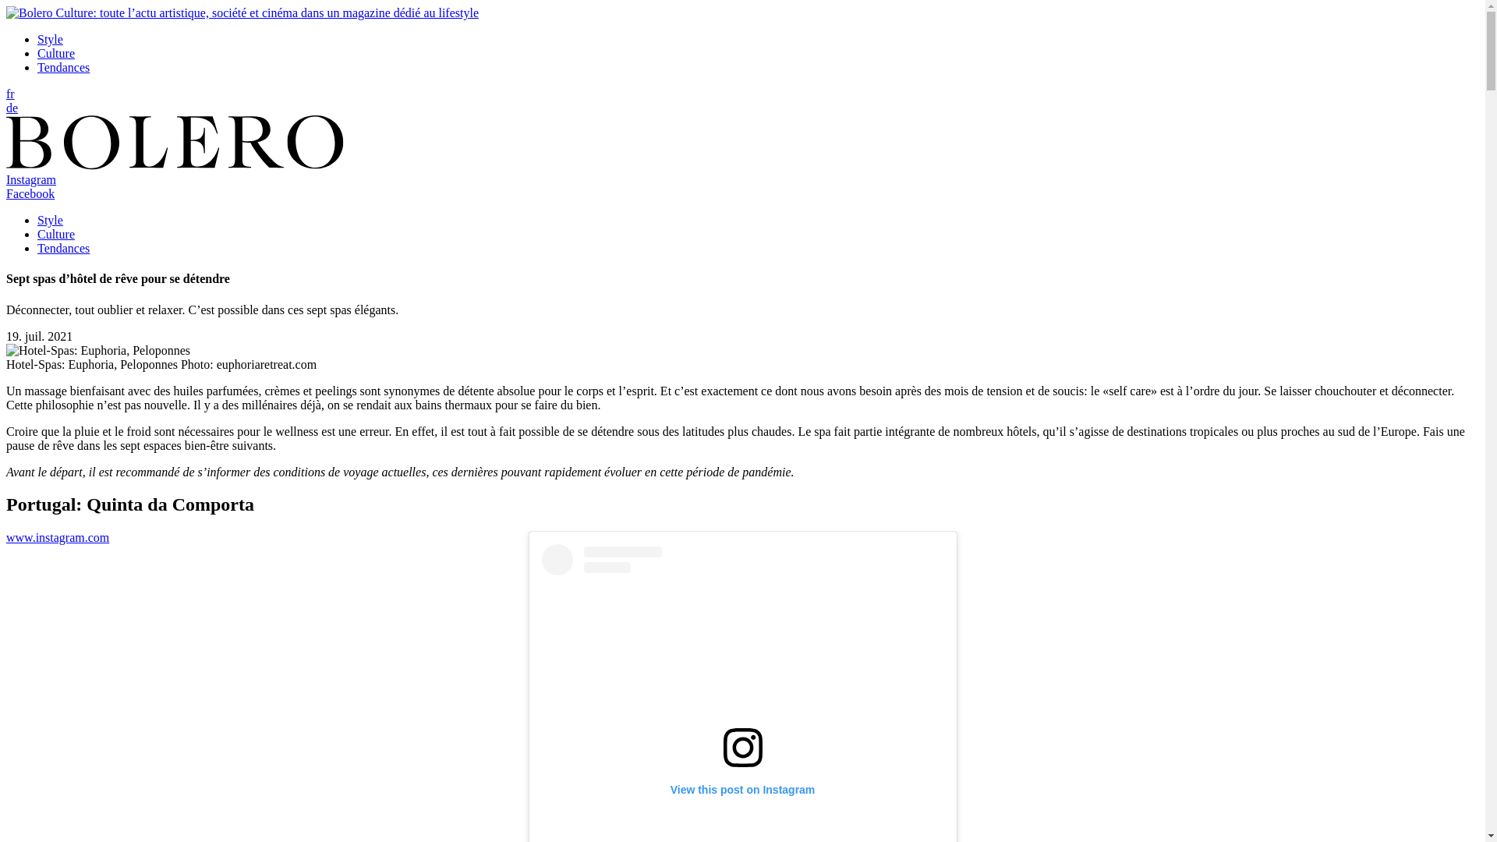  What do you see at coordinates (37, 66) in the screenshot?
I see `'Tendances'` at bounding box center [37, 66].